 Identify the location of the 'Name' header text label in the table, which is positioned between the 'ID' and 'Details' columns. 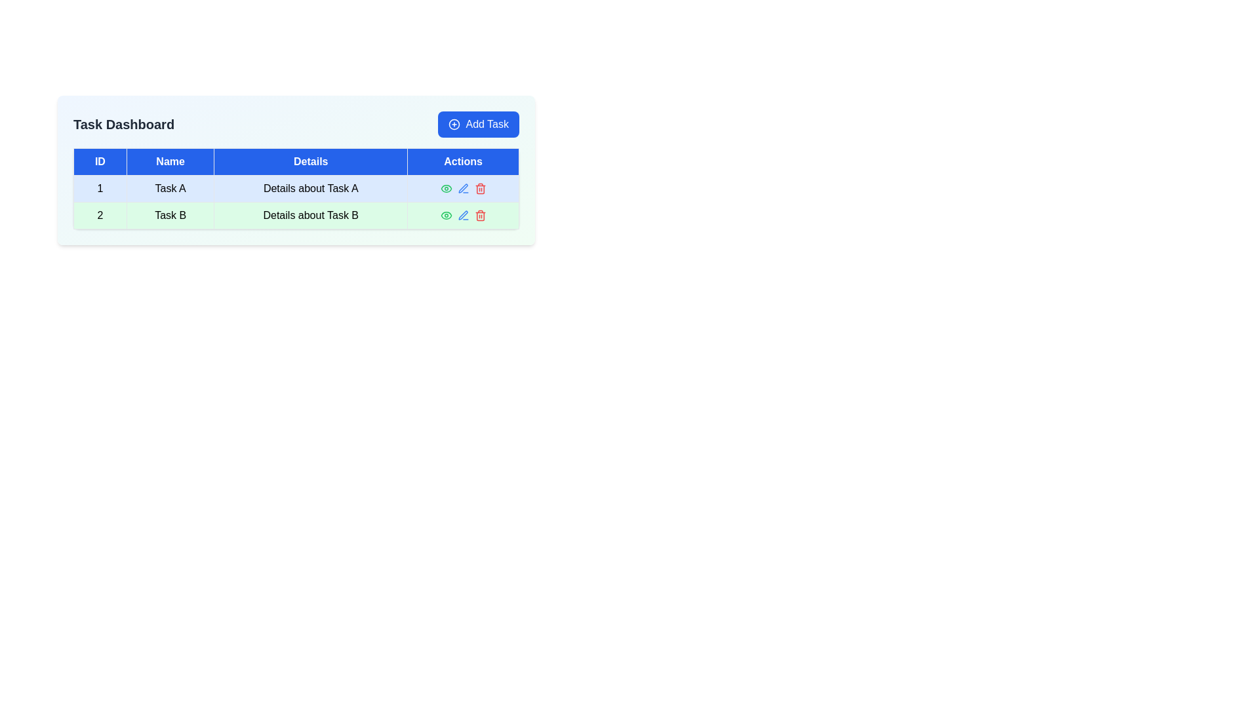
(170, 161).